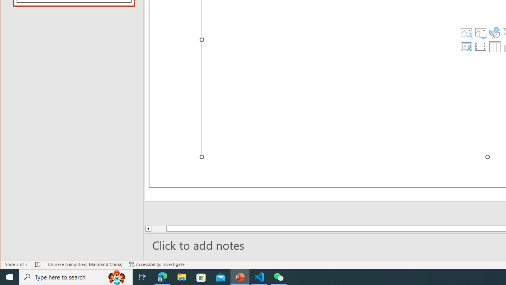 The height and width of the screenshot is (285, 506). What do you see at coordinates (142, 276) in the screenshot?
I see `'Task View'` at bounding box center [142, 276].